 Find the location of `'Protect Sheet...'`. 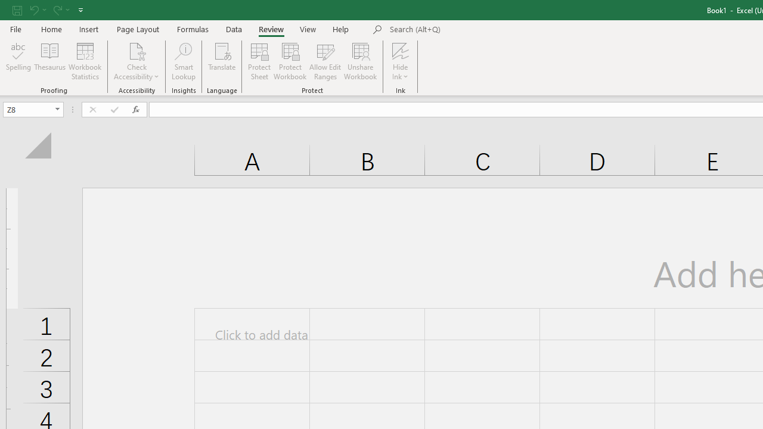

'Protect Sheet...' is located at coordinates (259, 61).